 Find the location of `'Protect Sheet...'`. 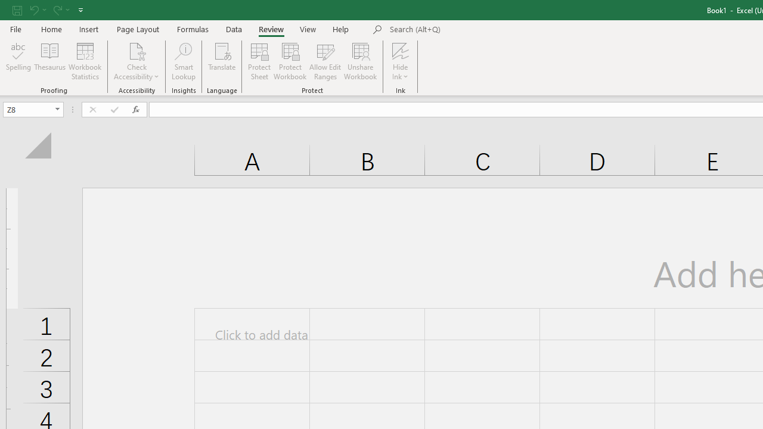

'Protect Sheet...' is located at coordinates (259, 61).